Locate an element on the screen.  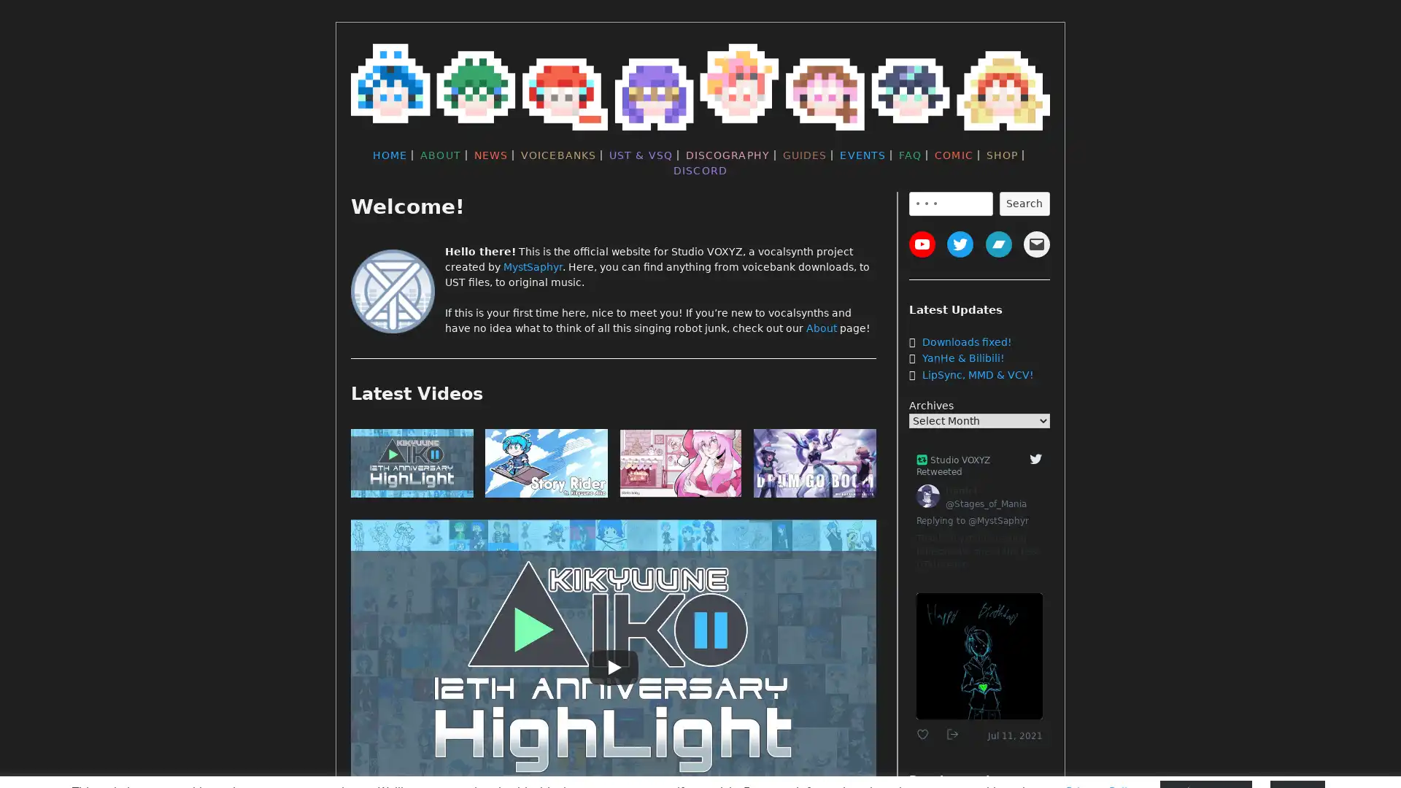
play is located at coordinates (545, 466).